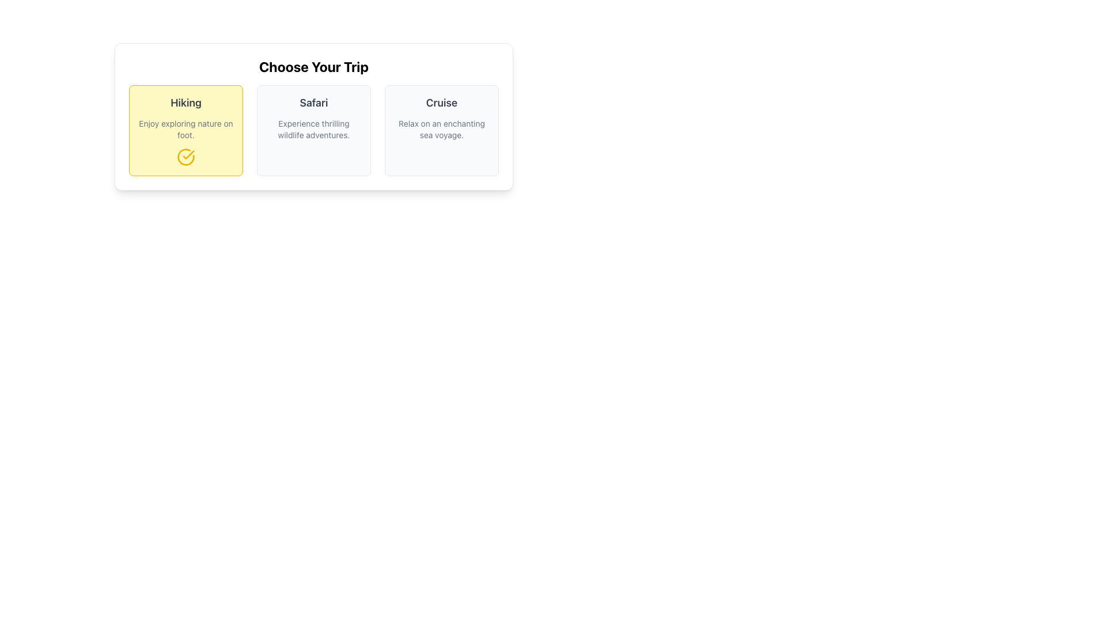  Describe the element at coordinates (314, 102) in the screenshot. I see `the 'Safari' text label, which is styled in bold gray font and located at the top of its respective card in a card-based layout` at that location.